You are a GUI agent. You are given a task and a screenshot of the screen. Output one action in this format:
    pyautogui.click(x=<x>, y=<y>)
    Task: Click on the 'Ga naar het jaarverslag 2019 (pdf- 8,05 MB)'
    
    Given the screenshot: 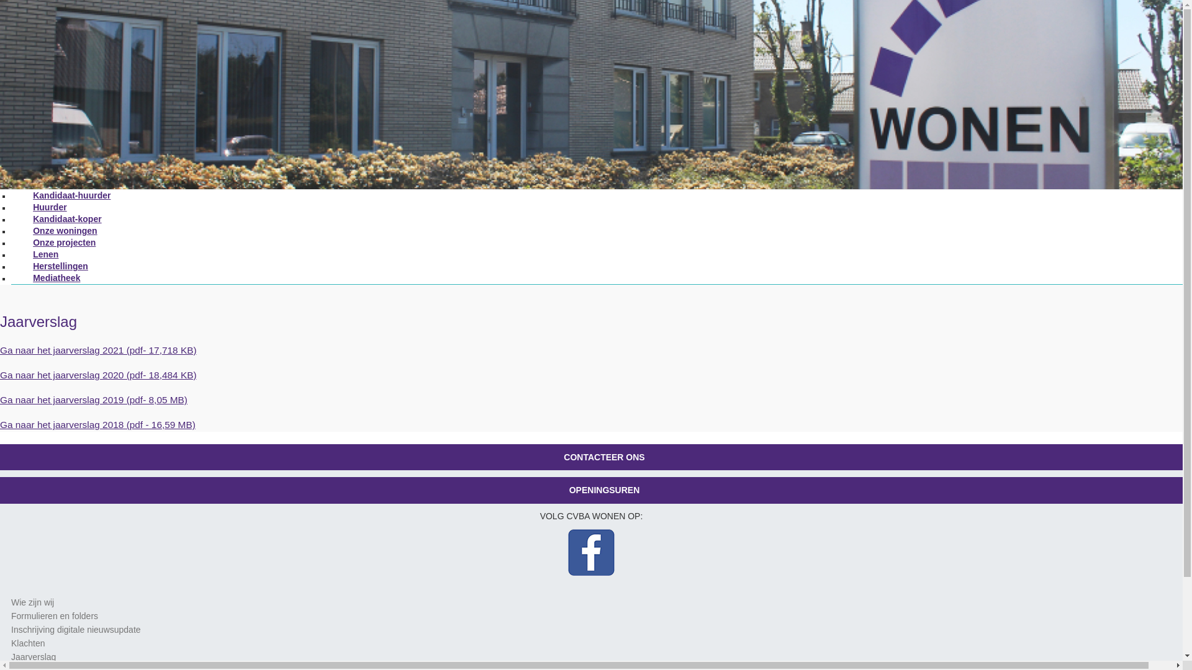 What is the action you would take?
    pyautogui.click(x=93, y=400)
    